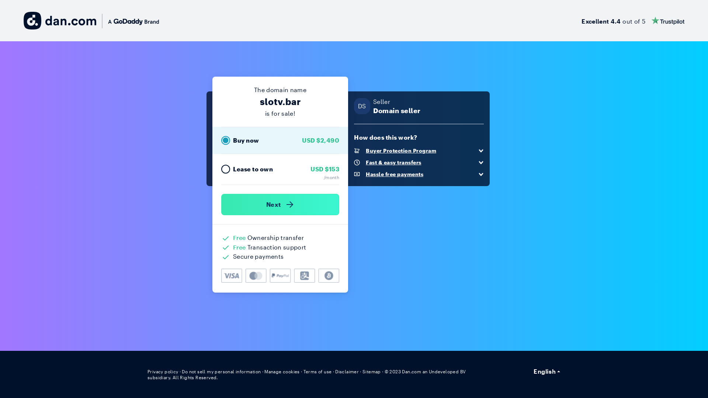 The width and height of the screenshot is (708, 398). What do you see at coordinates (182, 371) in the screenshot?
I see `'Do not sell my personal information'` at bounding box center [182, 371].